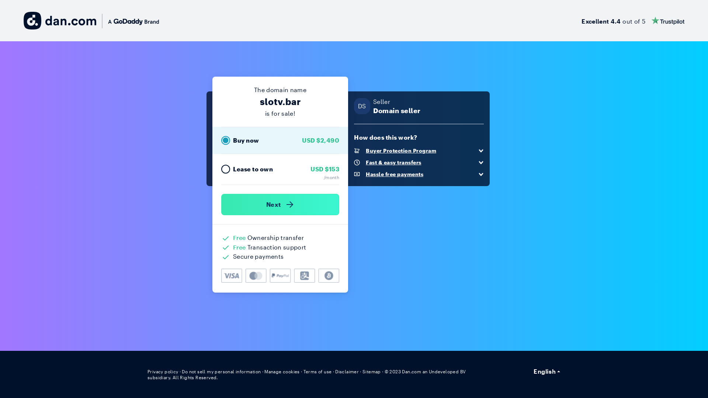 The width and height of the screenshot is (708, 398). What do you see at coordinates (182, 371) in the screenshot?
I see `'Do not sell my personal information'` at bounding box center [182, 371].